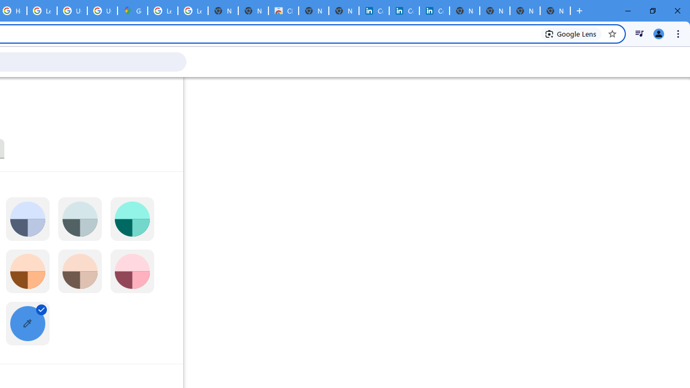  I want to click on 'Google Maps', so click(132, 11).